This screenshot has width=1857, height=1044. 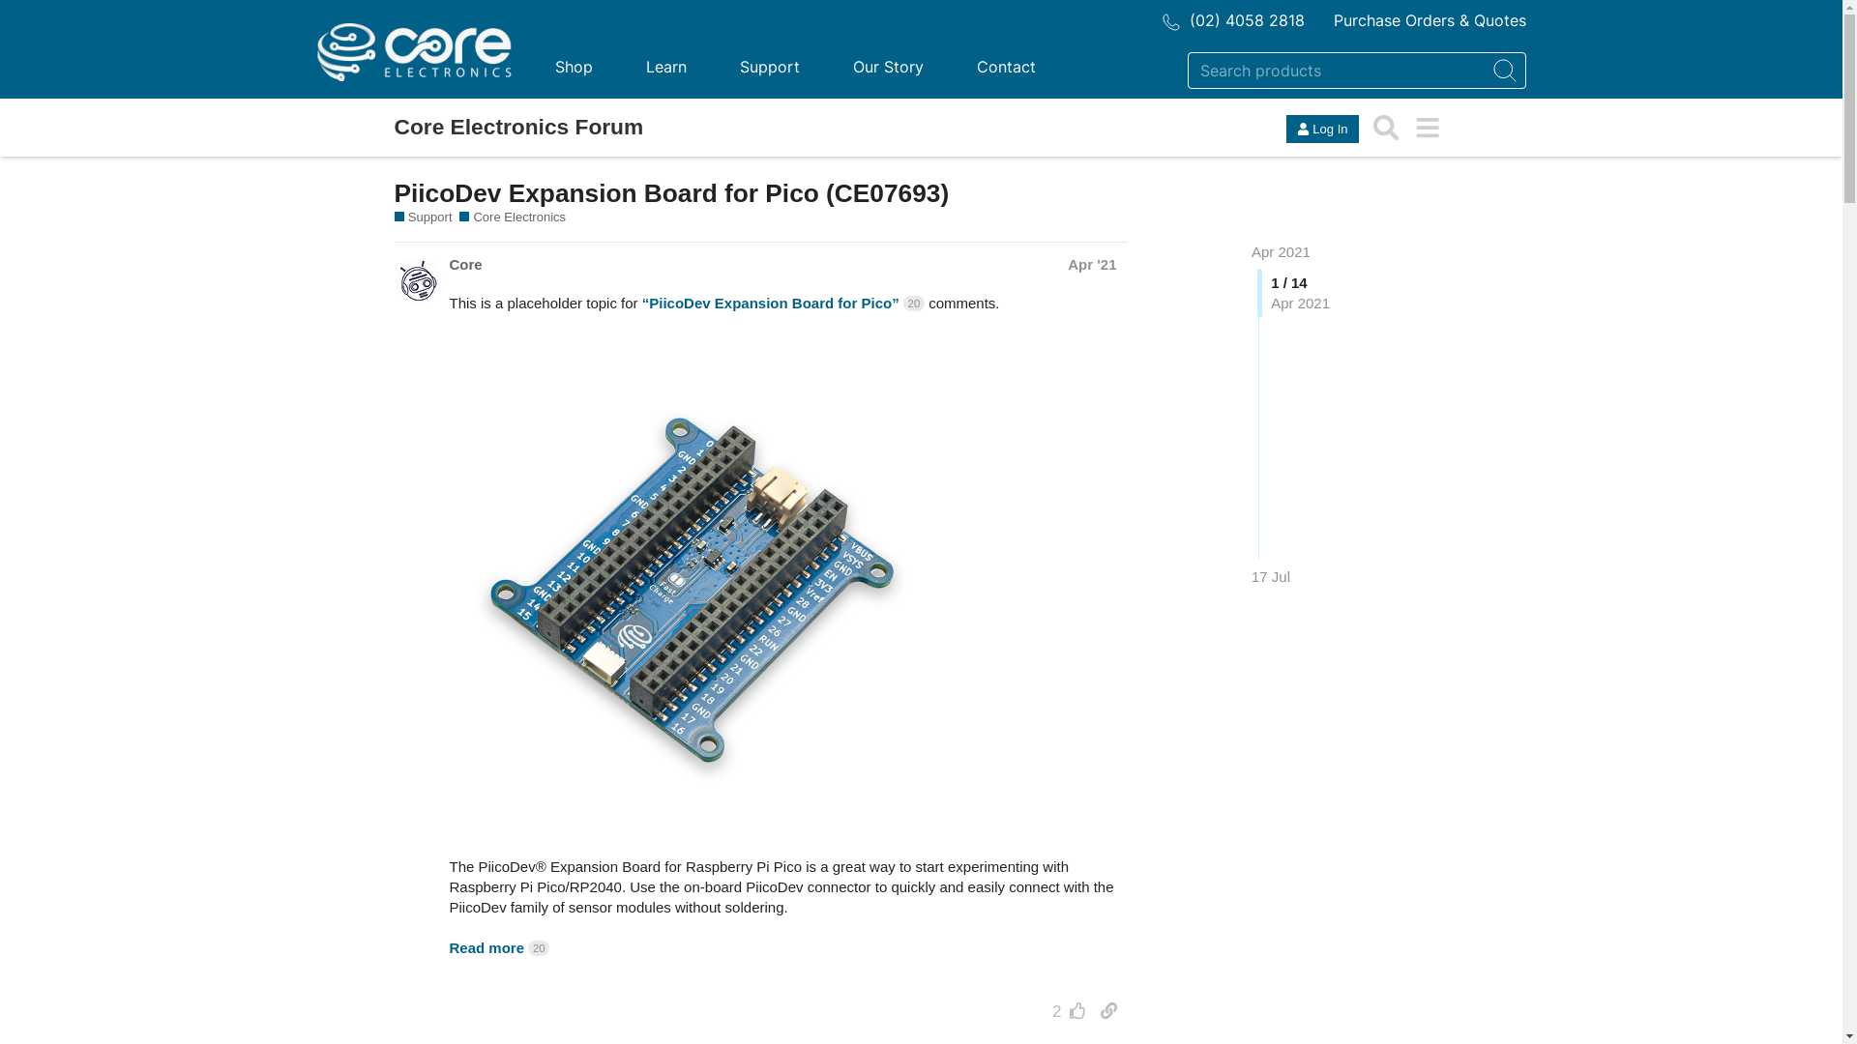 What do you see at coordinates (1091, 264) in the screenshot?
I see `'Apr '21'` at bounding box center [1091, 264].